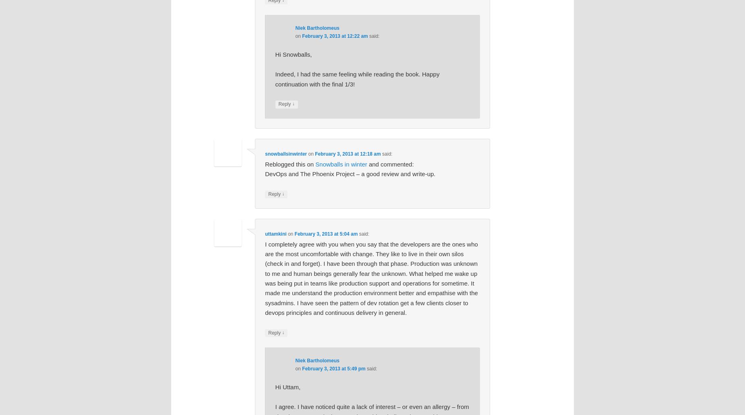  What do you see at coordinates (326, 234) in the screenshot?
I see `'February 3, 2013 at 5:04 am'` at bounding box center [326, 234].